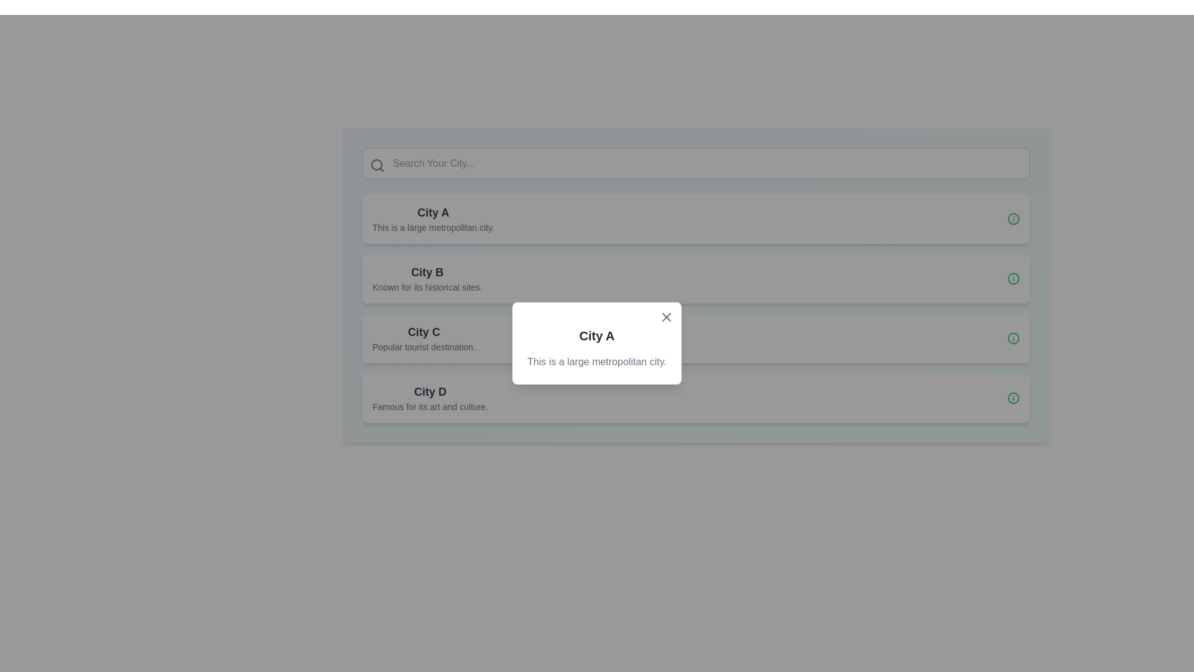 The width and height of the screenshot is (1194, 672). Describe the element at coordinates (1014, 398) in the screenshot. I see `the information icon located at the rightmost position of the 'City D' row in the vertical list` at that location.